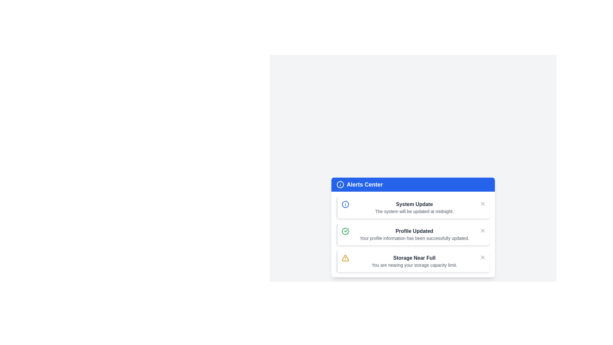 Image resolution: width=613 pixels, height=345 pixels. I want to click on the SVG-based graphical close icon ('X') located at the top-right corner of the 'Profile Updated' notification card to provide highlighting feedback, so click(483, 230).